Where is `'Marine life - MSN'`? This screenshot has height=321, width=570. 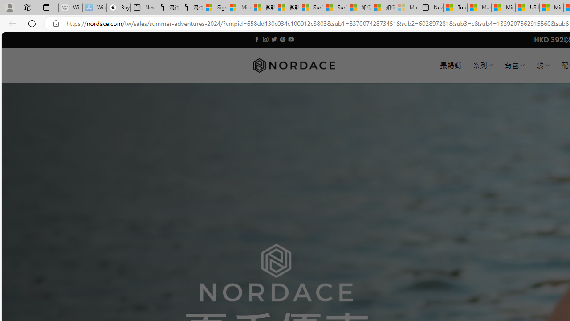
'Marine life - MSN' is located at coordinates (479, 8).